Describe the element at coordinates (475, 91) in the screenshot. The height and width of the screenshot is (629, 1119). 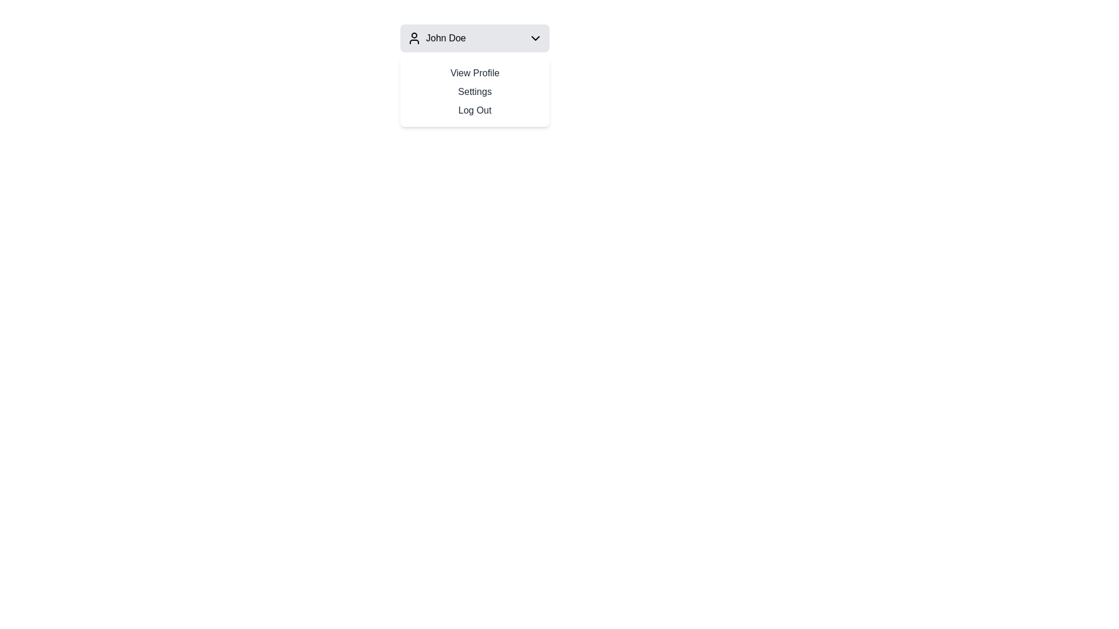
I see `the dropdown menu containing the options 'View Profile', 'Settings', and 'Log Out'` at that location.